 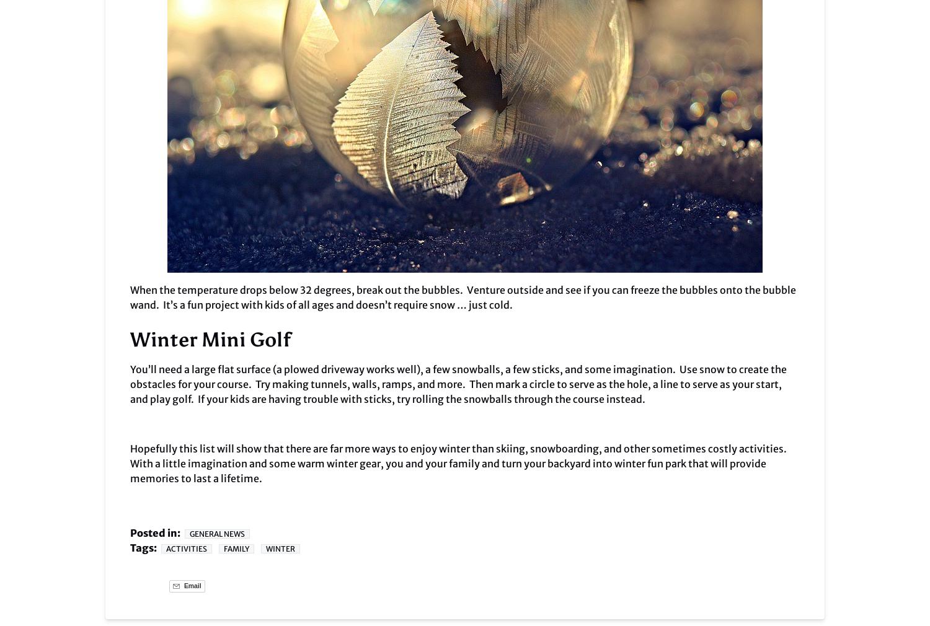 What do you see at coordinates (187, 549) in the screenshot?
I see `'Activities'` at bounding box center [187, 549].